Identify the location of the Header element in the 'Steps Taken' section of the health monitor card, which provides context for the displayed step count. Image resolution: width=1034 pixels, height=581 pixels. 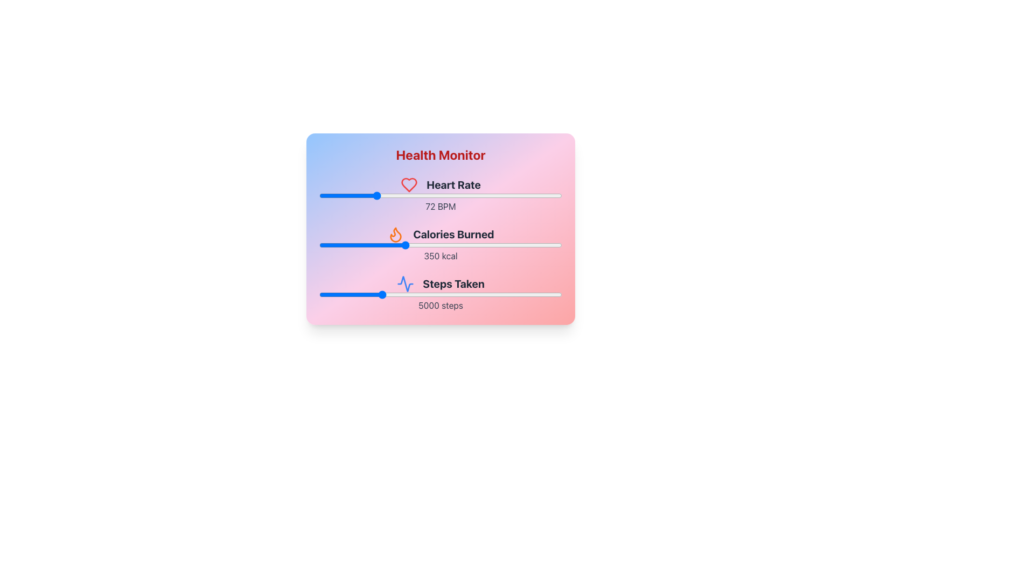
(441, 284).